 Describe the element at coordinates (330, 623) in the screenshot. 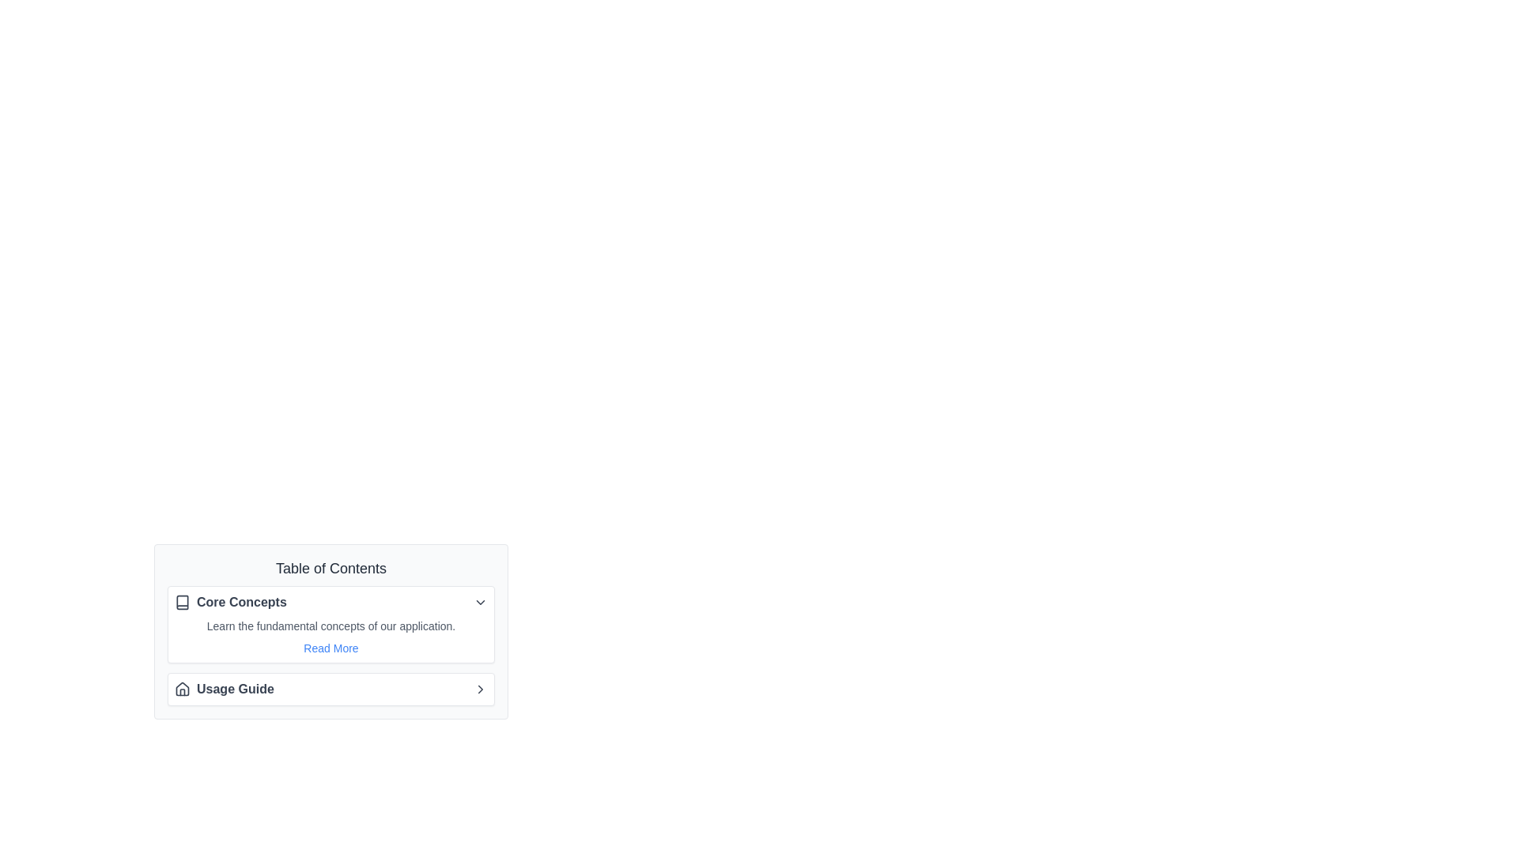

I see `the 'Read More' link at the bottom of the Informational card labeled 'Core Concepts', which is styled with a white background and has a gray border` at that location.